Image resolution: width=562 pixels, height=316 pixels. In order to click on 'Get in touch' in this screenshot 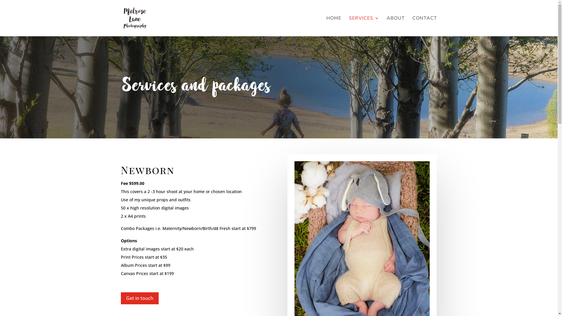, I will do `click(139, 298)`.